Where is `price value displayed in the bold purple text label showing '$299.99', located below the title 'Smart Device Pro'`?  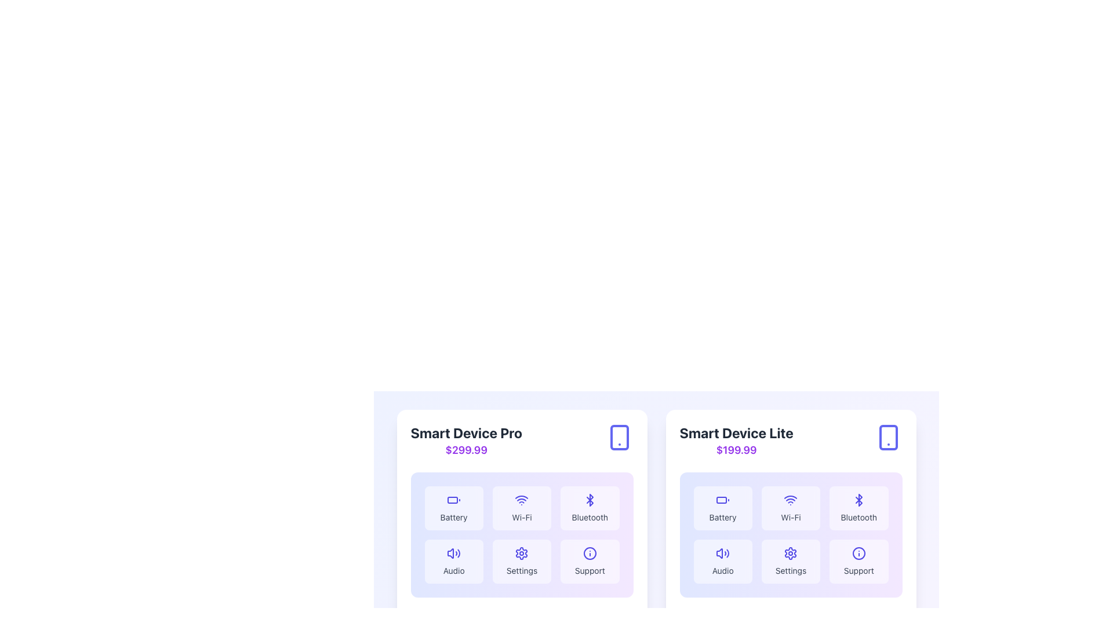
price value displayed in the bold purple text label showing '$299.99', located below the title 'Smart Device Pro' is located at coordinates (466, 449).